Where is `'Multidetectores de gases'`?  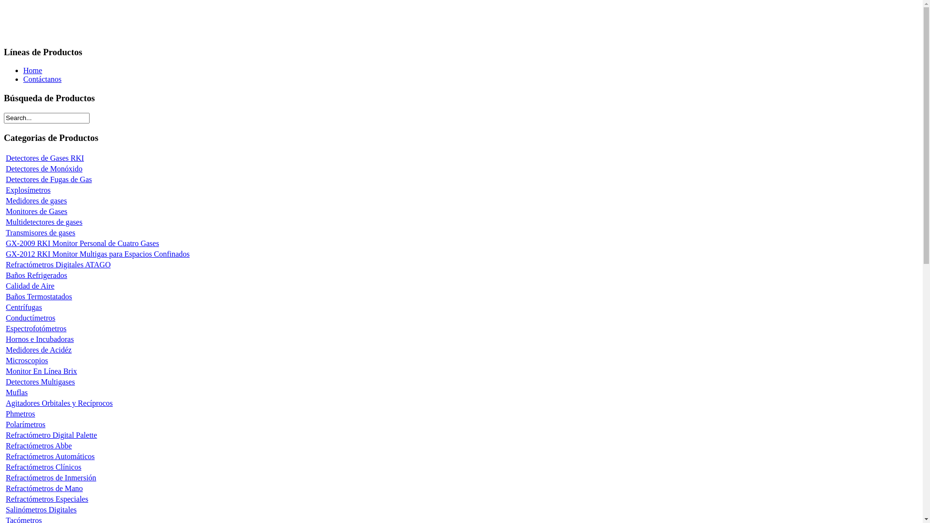 'Multidetectores de gases' is located at coordinates (6, 222).